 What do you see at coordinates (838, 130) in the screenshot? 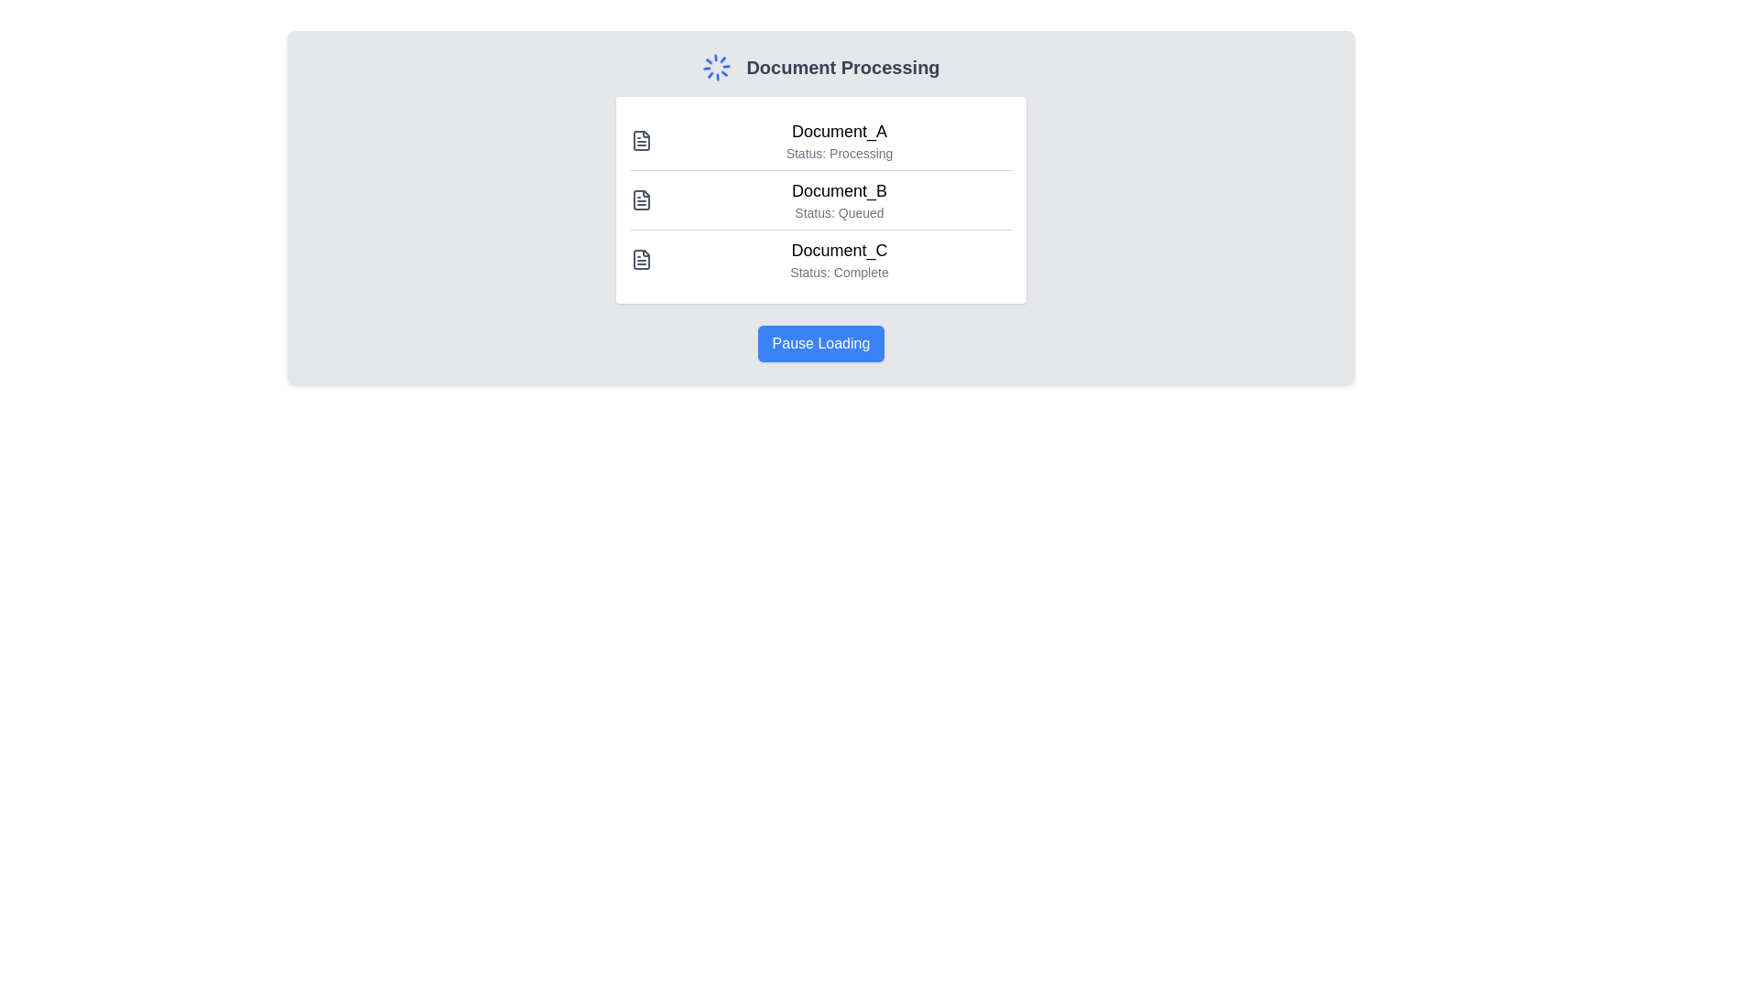
I see `the Text label that indicates the name or identifier of the first document in the processing list, located at the top of the 'Document Processing' card, above the 'Status: Processing' text` at bounding box center [838, 130].